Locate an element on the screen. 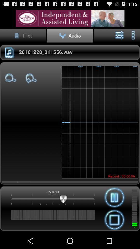 The height and width of the screenshot is (249, 140). the sliders icon is located at coordinates (120, 37).